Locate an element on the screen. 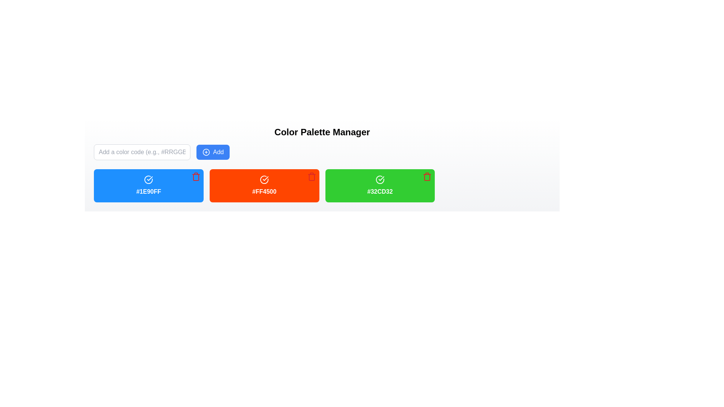 This screenshot has height=407, width=724. text displayed in the text label showing the string '#32CD32', which is styled in bold font on a vibrant green background, located in the third block from the left is located at coordinates (380, 191).